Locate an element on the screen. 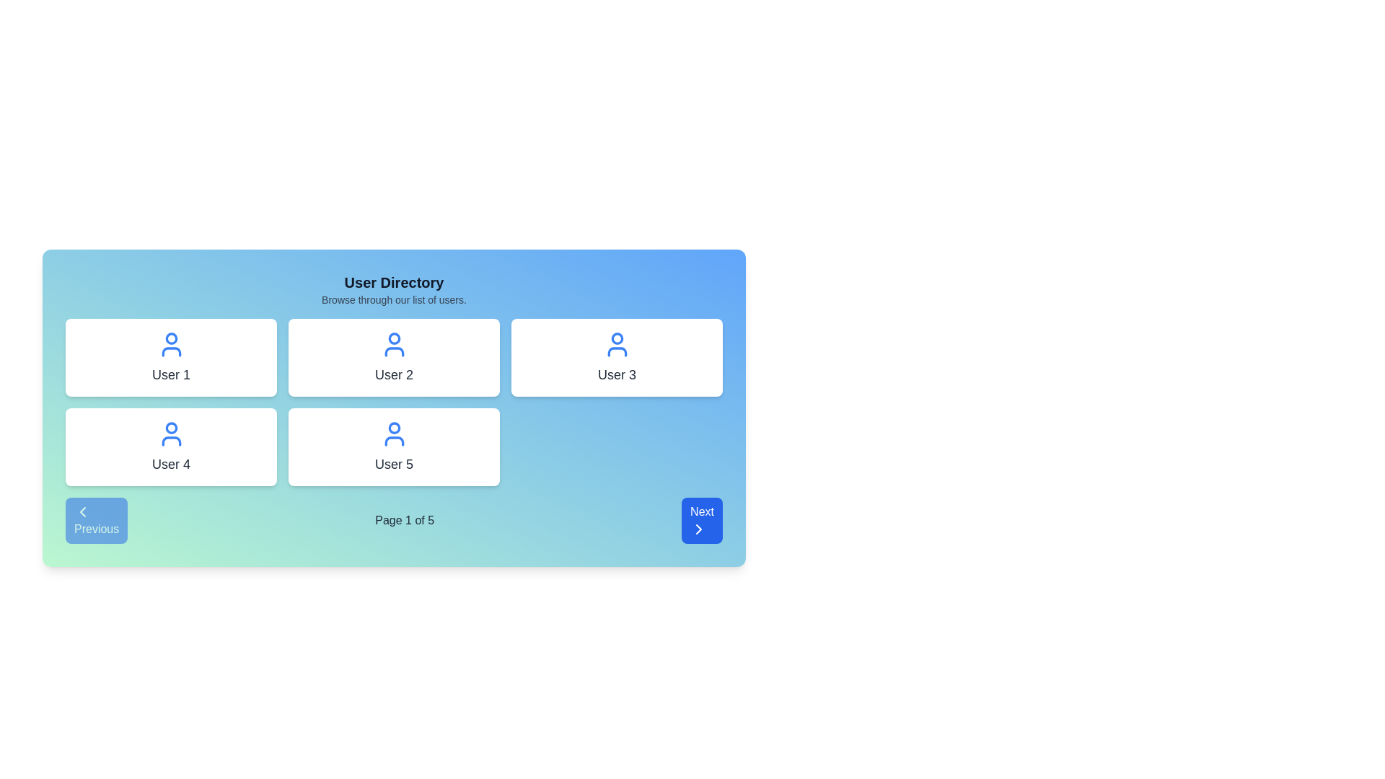 The height and width of the screenshot is (779, 1385). the head graphical icon component representing 'User 2' in the user profile directory is located at coordinates (394, 338).